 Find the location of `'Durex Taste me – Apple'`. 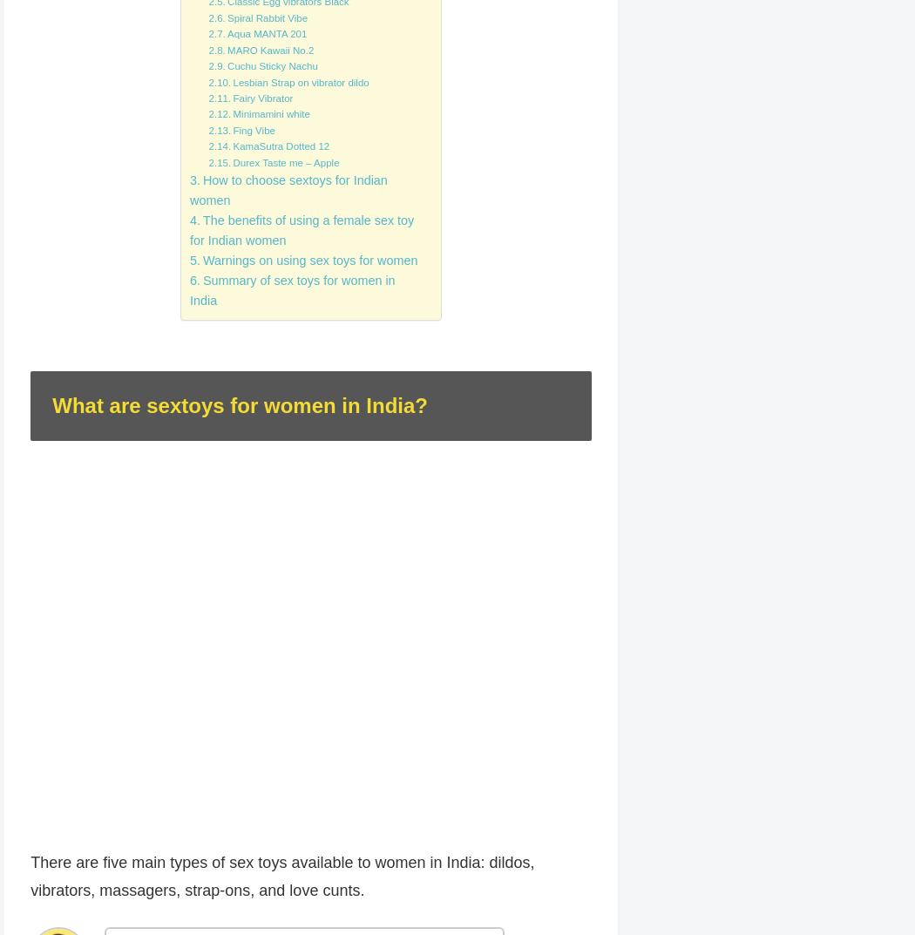

'Durex Taste me – Apple' is located at coordinates (286, 161).